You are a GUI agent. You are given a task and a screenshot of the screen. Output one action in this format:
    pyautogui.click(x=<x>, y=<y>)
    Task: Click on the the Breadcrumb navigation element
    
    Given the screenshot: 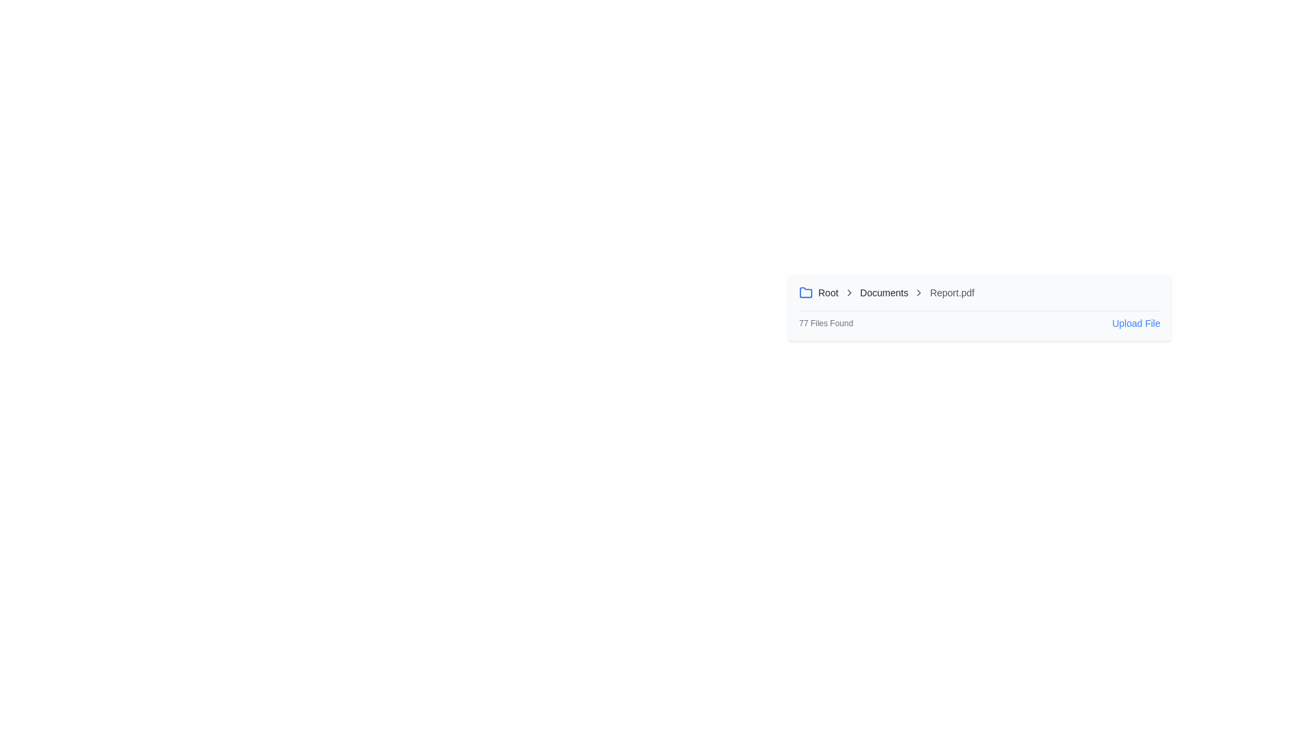 What is the action you would take?
    pyautogui.click(x=979, y=292)
    